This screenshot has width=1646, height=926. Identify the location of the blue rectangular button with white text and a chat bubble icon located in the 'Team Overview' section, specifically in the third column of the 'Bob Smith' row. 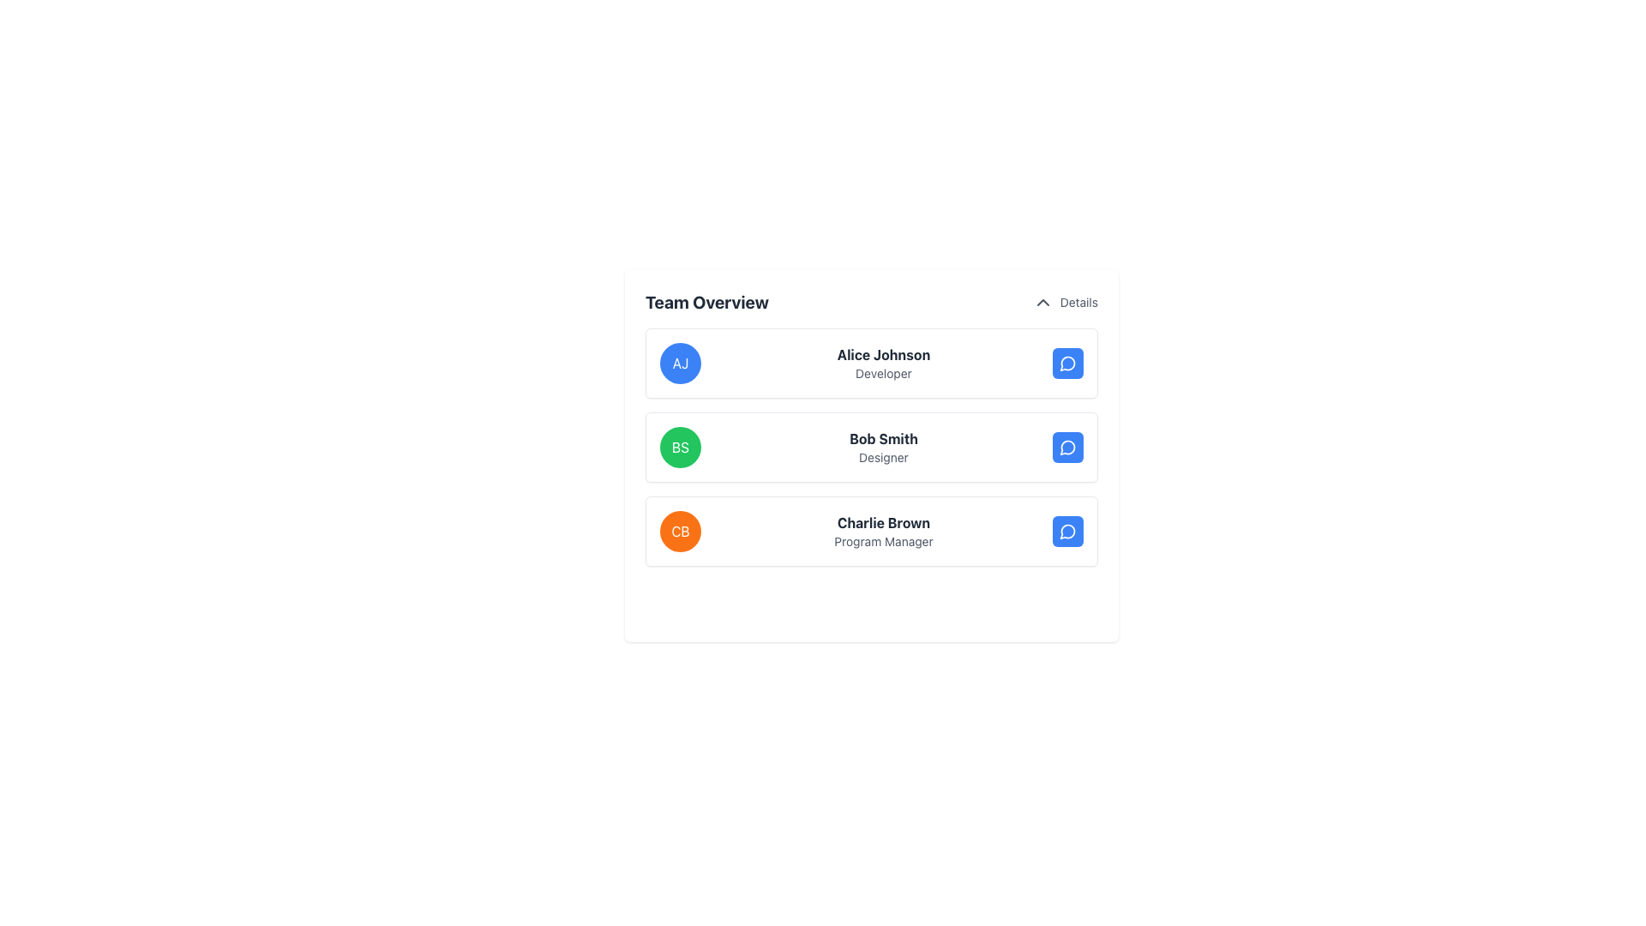
(1067, 446).